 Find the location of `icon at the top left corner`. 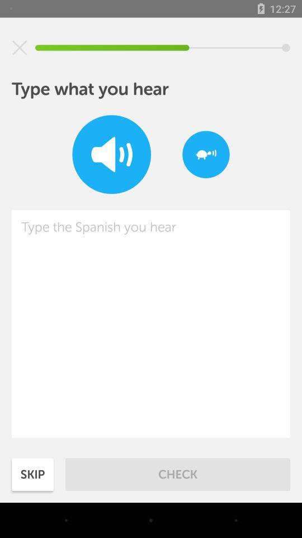

icon at the top left corner is located at coordinates (20, 48).